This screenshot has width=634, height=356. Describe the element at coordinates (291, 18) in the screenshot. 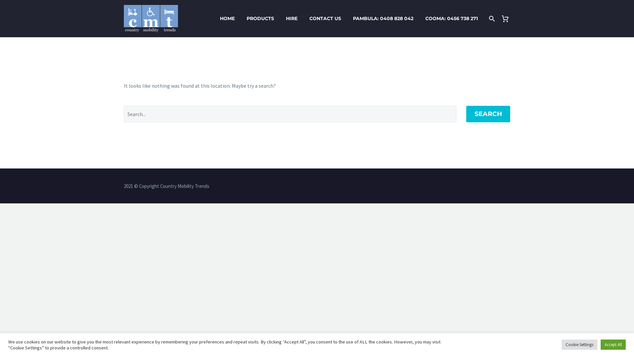

I see `'HIRE'` at that location.